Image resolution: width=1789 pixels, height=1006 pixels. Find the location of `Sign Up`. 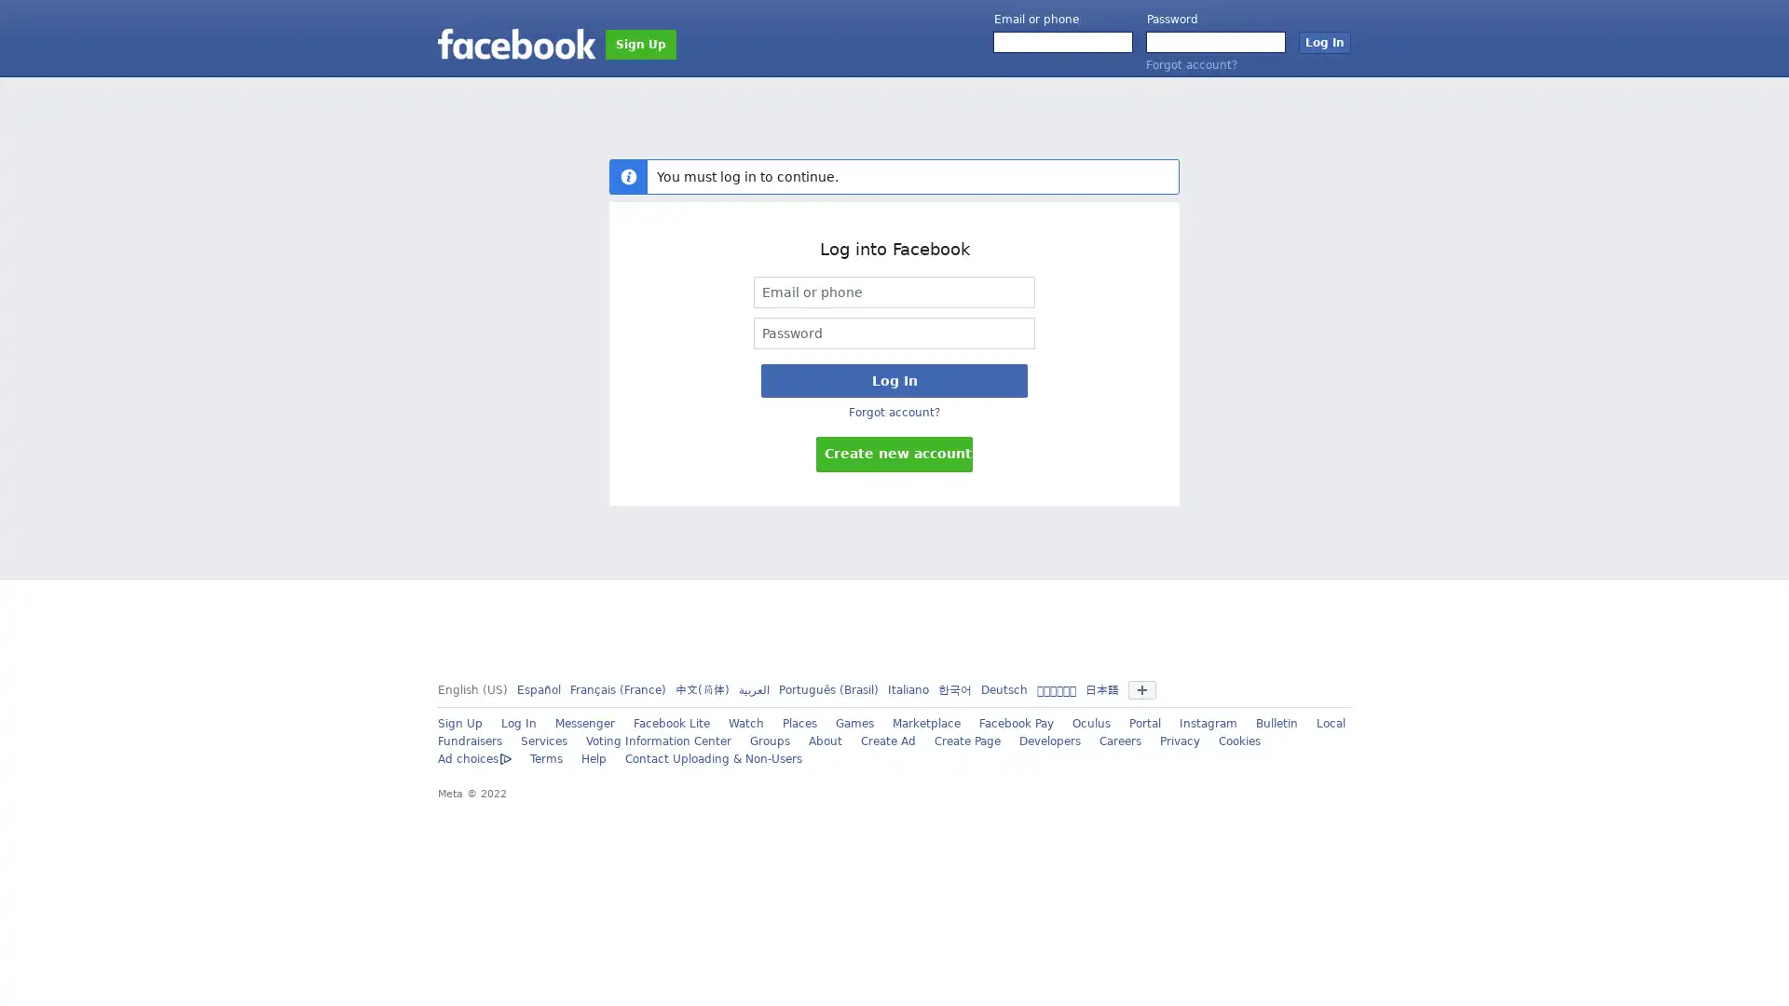

Sign Up is located at coordinates (640, 43).